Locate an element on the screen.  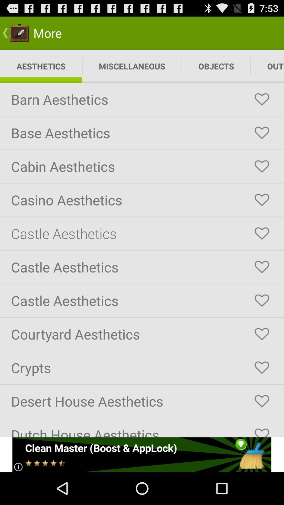
to favorites is located at coordinates (262, 200).